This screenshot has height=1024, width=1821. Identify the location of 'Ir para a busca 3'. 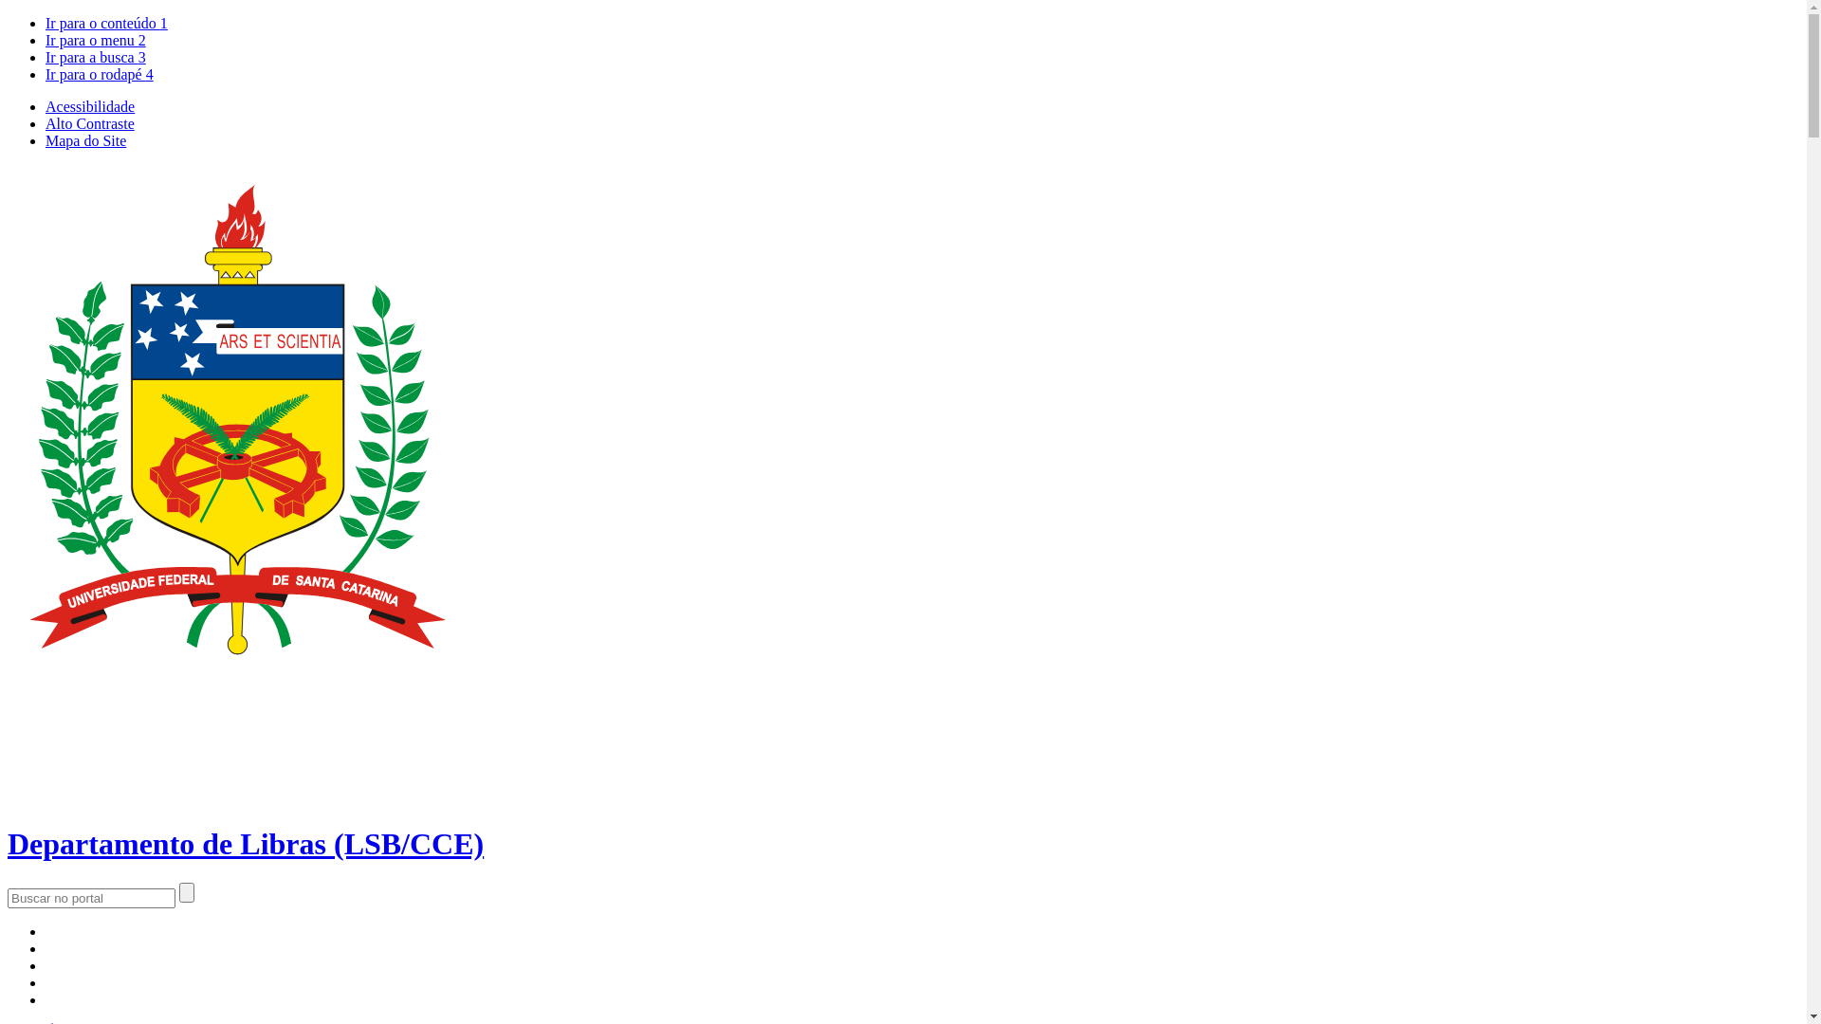
(94, 56).